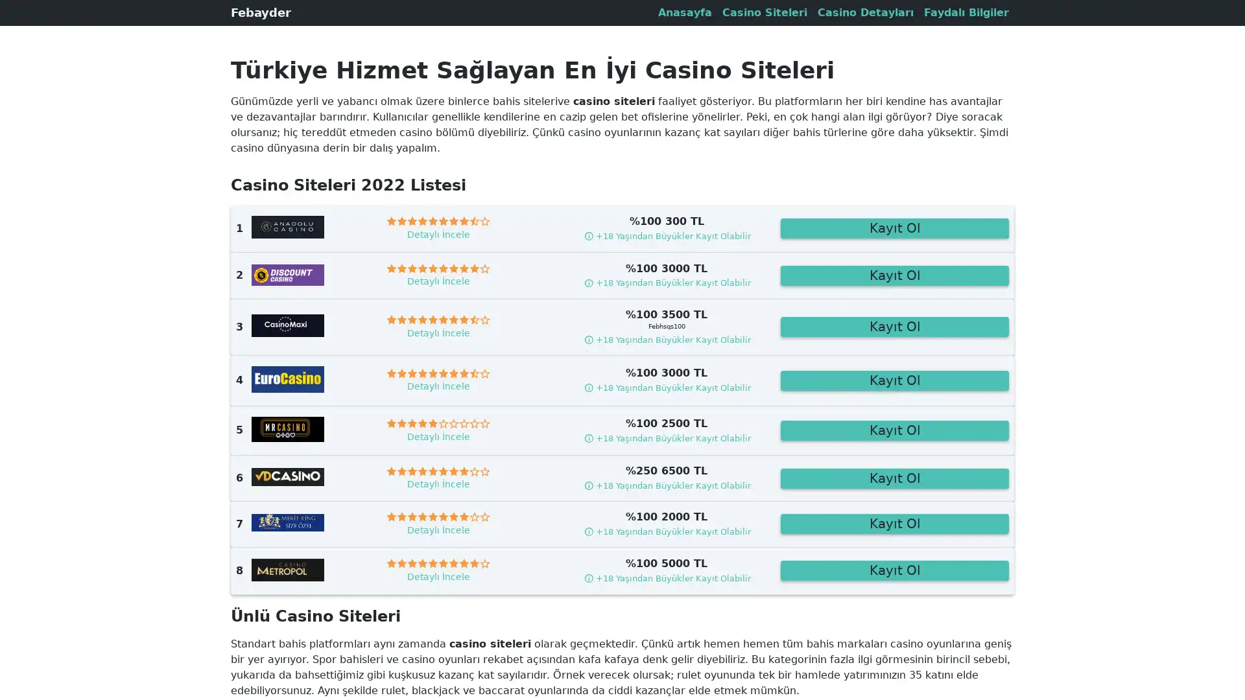 This screenshot has width=1245, height=700. What do you see at coordinates (666, 282) in the screenshot?
I see `Load terms and conditions` at bounding box center [666, 282].